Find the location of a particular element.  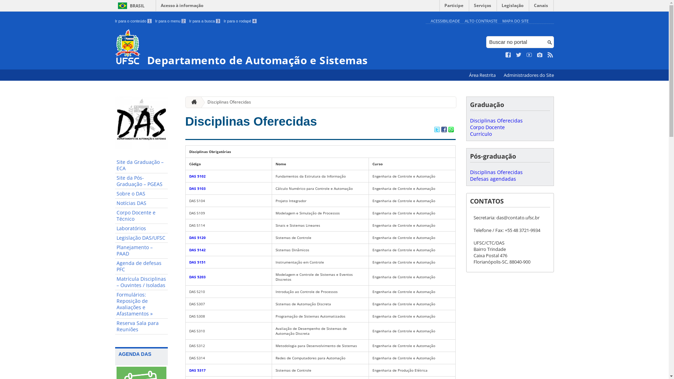

'Canais' is located at coordinates (541, 7).